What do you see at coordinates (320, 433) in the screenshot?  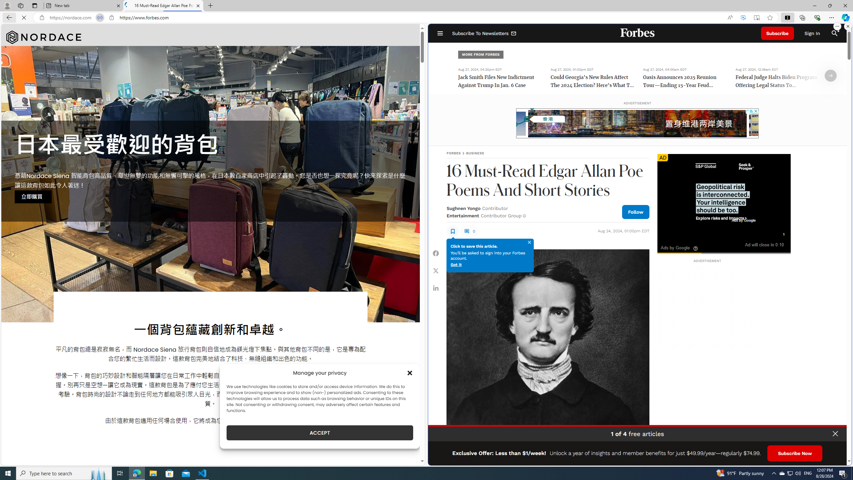 I see `'ACCEPT'` at bounding box center [320, 433].